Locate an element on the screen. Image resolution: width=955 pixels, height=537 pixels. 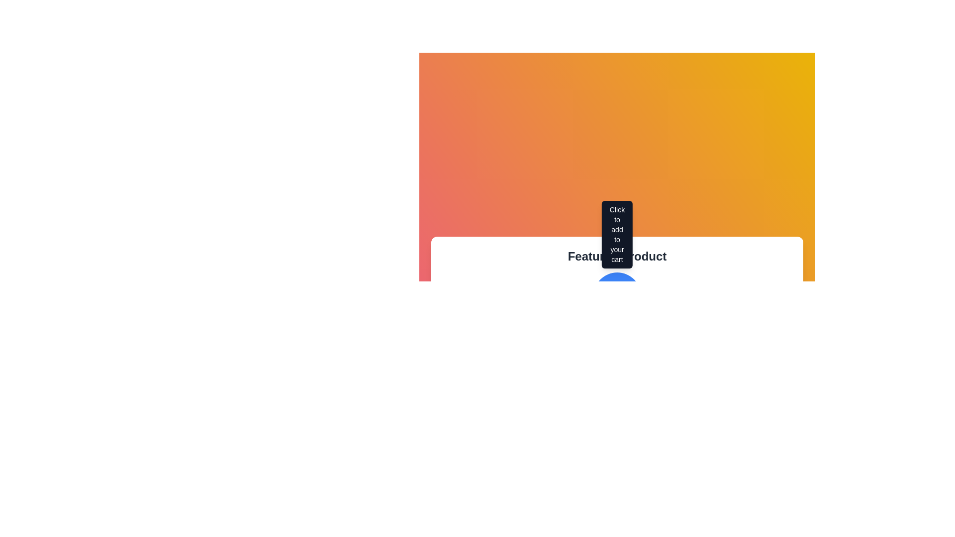
the tooltip element providing information about the shopping cart button for accessibility purposes is located at coordinates (617, 234).